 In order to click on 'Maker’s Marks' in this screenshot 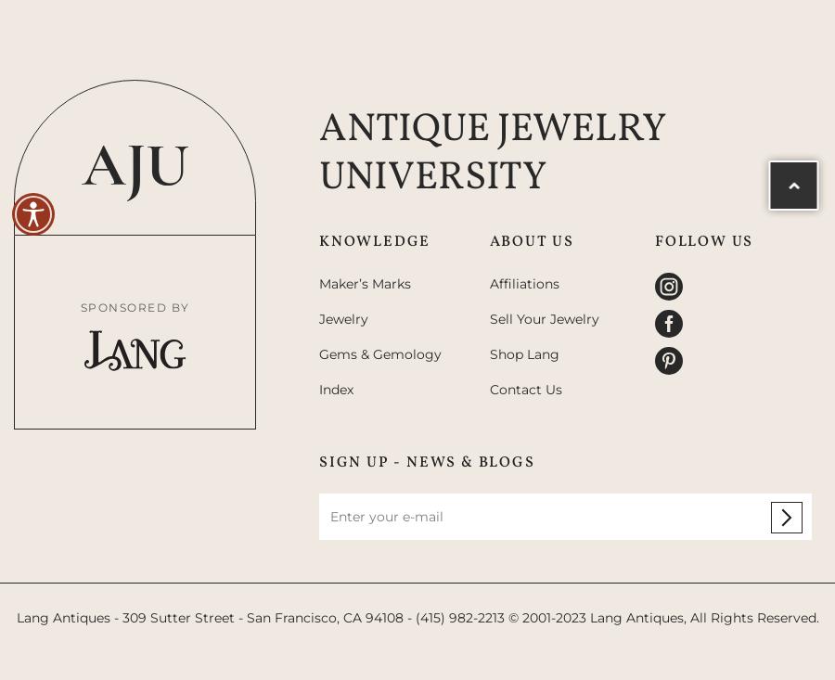, I will do `click(364, 283)`.